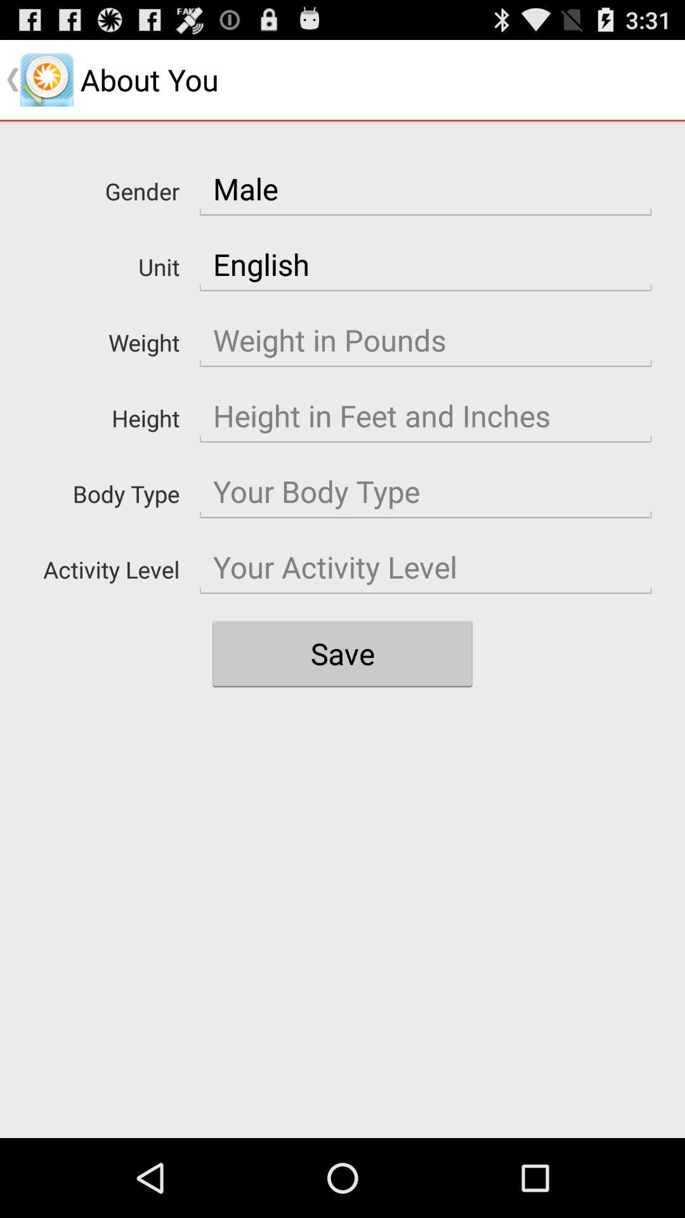 The image size is (685, 1218). What do you see at coordinates (426, 566) in the screenshot?
I see `write activity level` at bounding box center [426, 566].